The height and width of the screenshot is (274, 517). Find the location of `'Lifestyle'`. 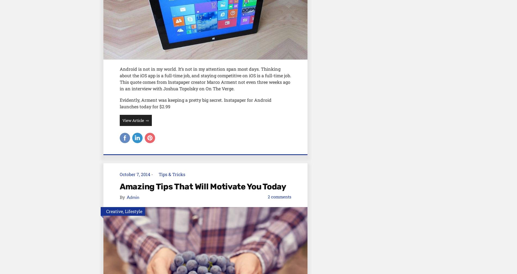

'Lifestyle' is located at coordinates (133, 211).